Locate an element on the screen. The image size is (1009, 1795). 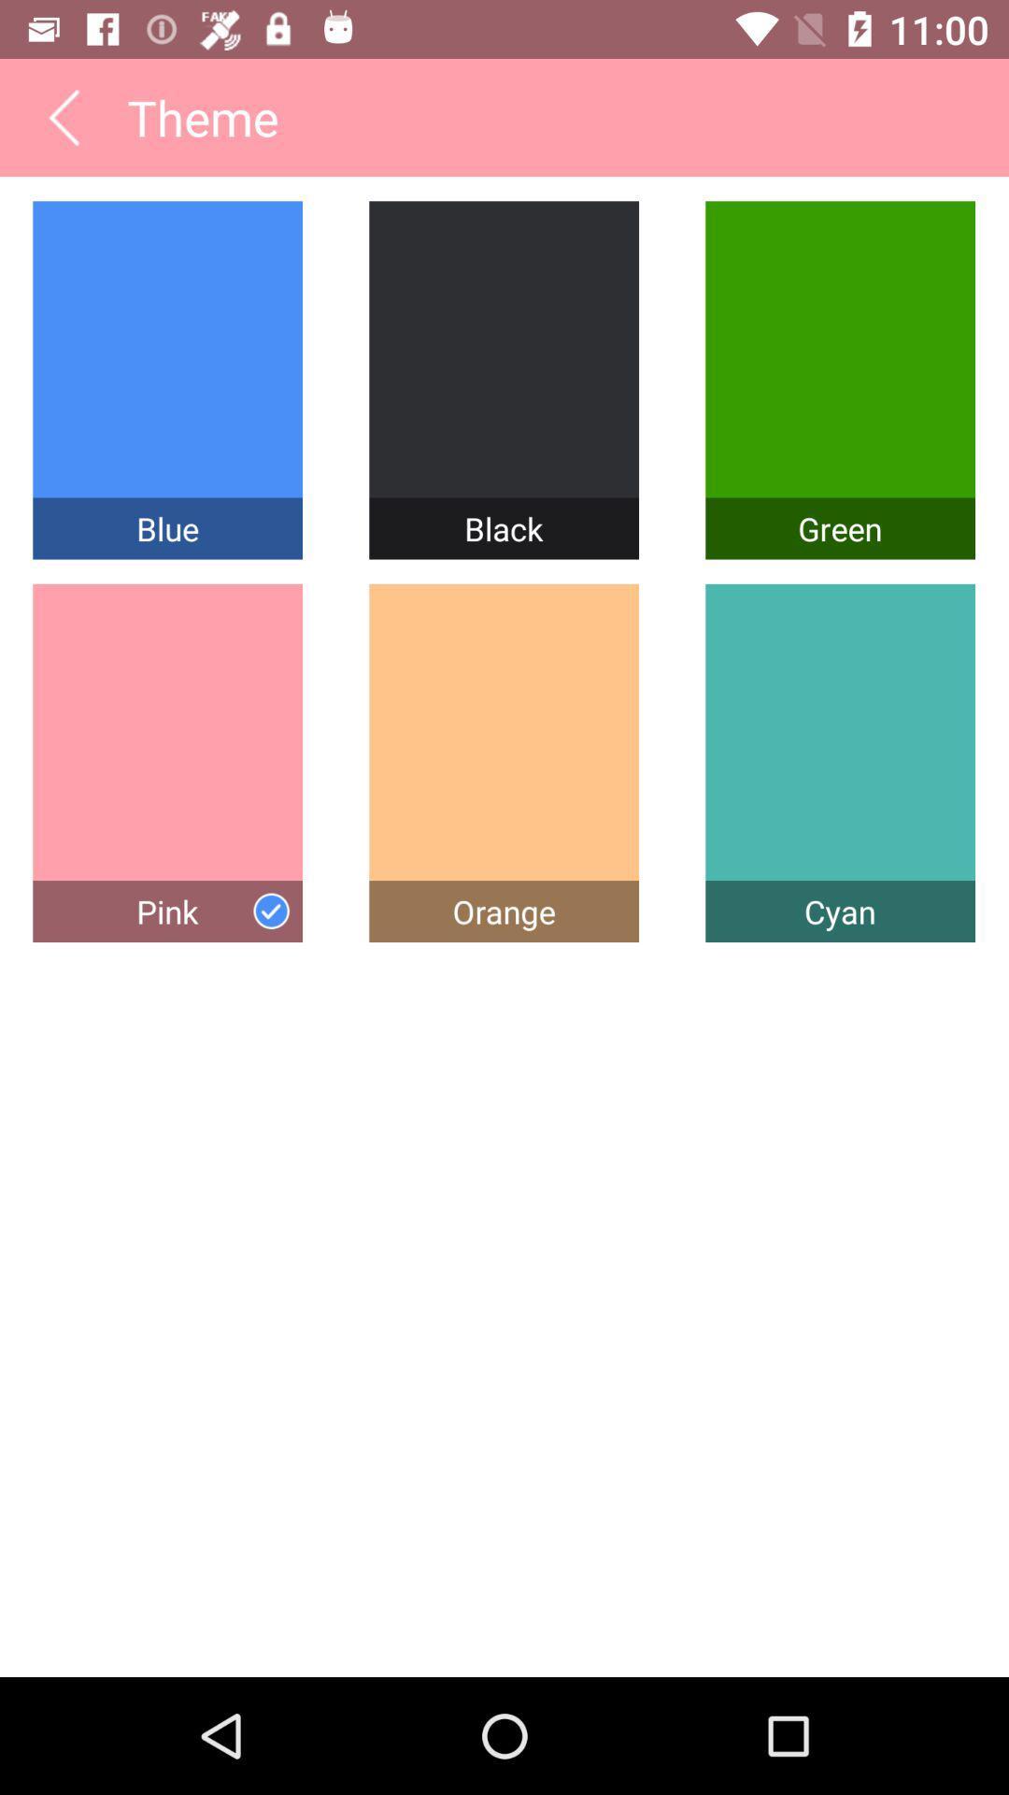
return to menu is located at coordinates (63, 116).